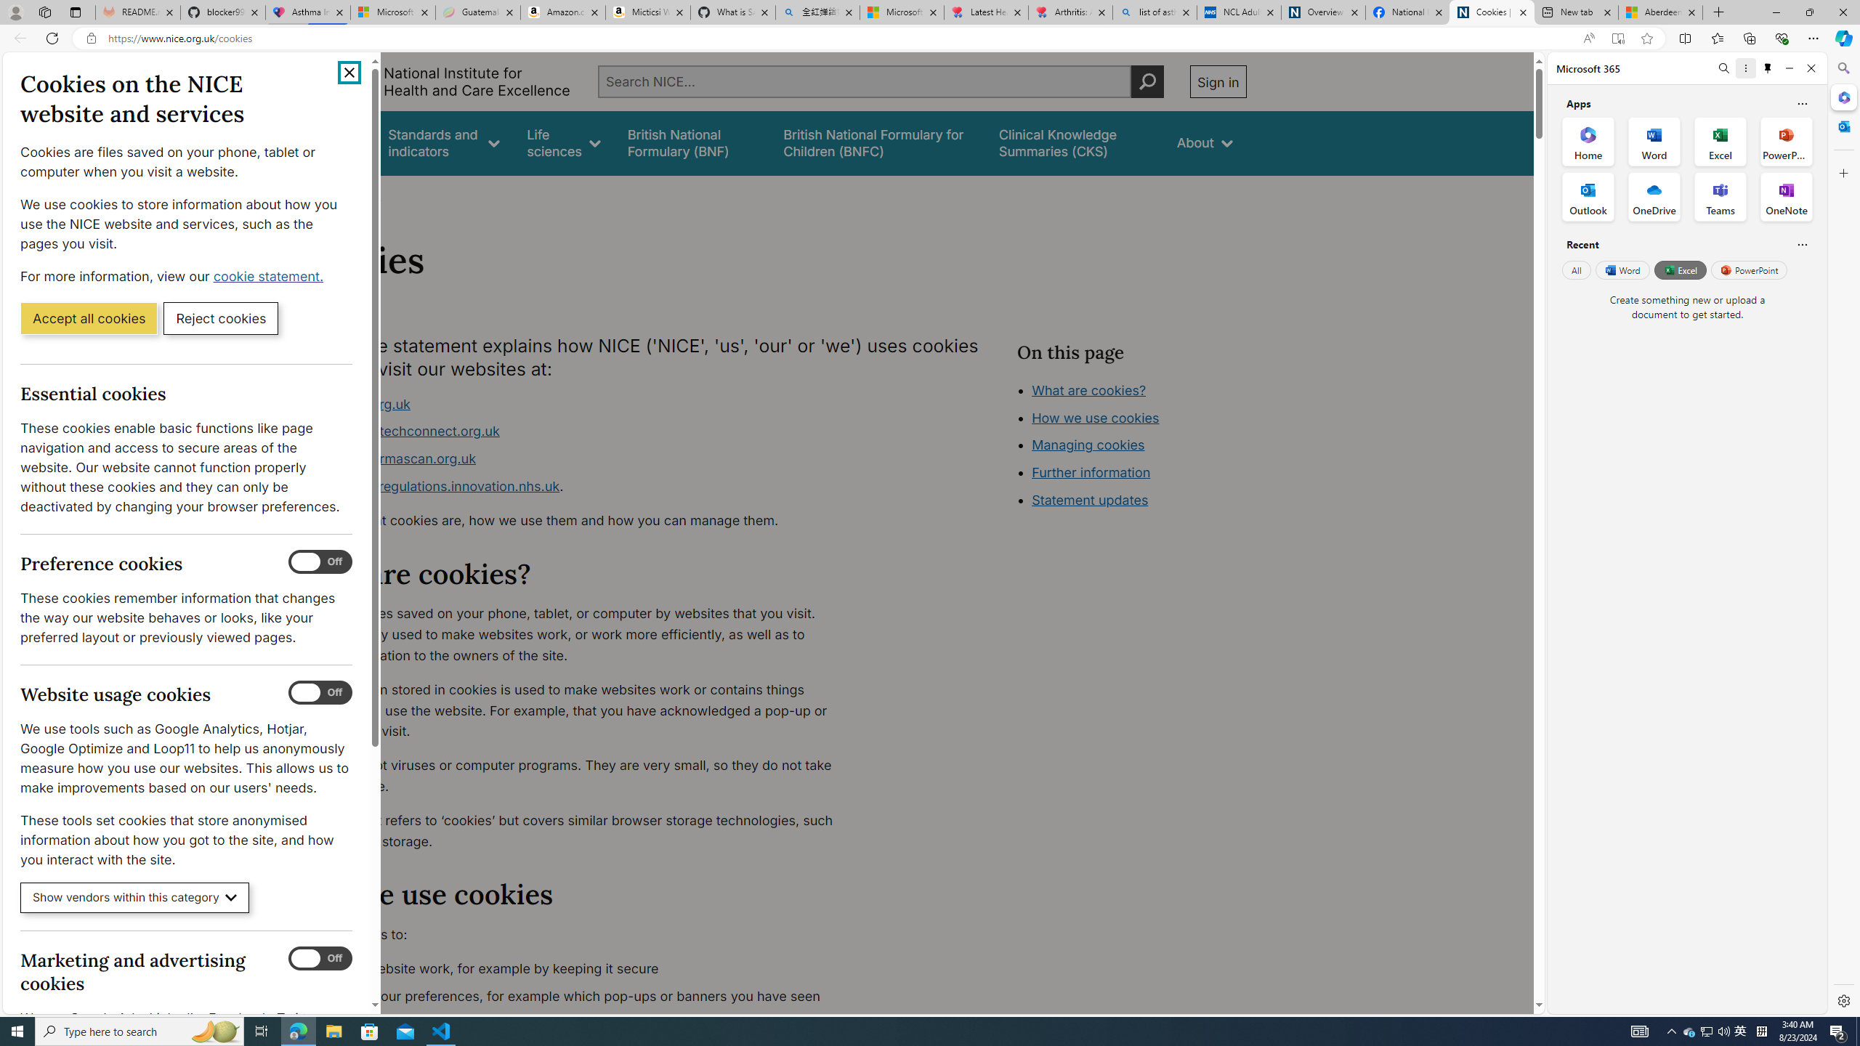 Image resolution: width=1860 pixels, height=1046 pixels. What do you see at coordinates (314, 195) in the screenshot?
I see `'Home>'` at bounding box center [314, 195].